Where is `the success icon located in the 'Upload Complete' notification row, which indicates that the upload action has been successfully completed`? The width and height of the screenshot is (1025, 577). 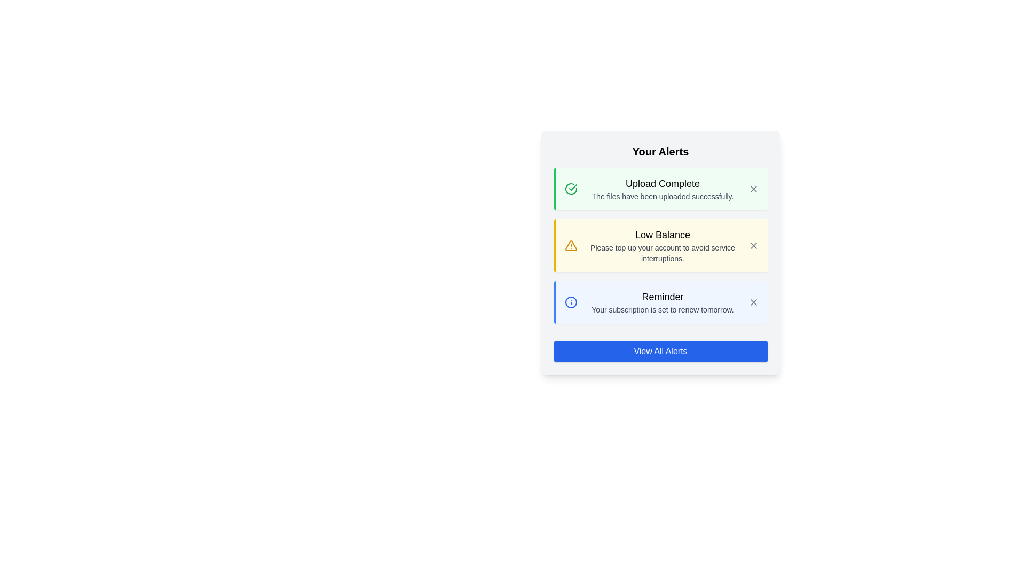
the success icon located in the 'Upload Complete' notification row, which indicates that the upload action has been successfully completed is located at coordinates (572, 187).